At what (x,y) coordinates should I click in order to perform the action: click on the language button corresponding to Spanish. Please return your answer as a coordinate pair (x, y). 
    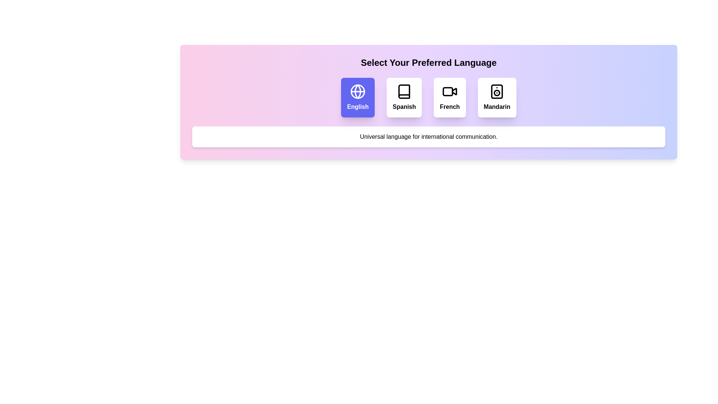
    Looking at the image, I should click on (404, 97).